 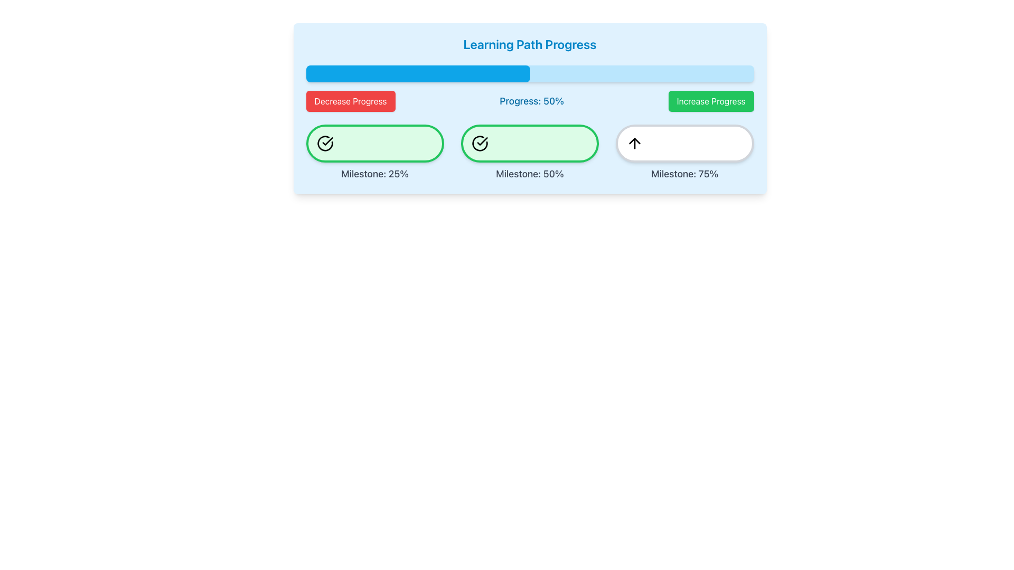 What do you see at coordinates (684, 174) in the screenshot?
I see `text label displaying 'Milestone: 75%' which is centered below a bordered white circular area with an upward arrow` at bounding box center [684, 174].